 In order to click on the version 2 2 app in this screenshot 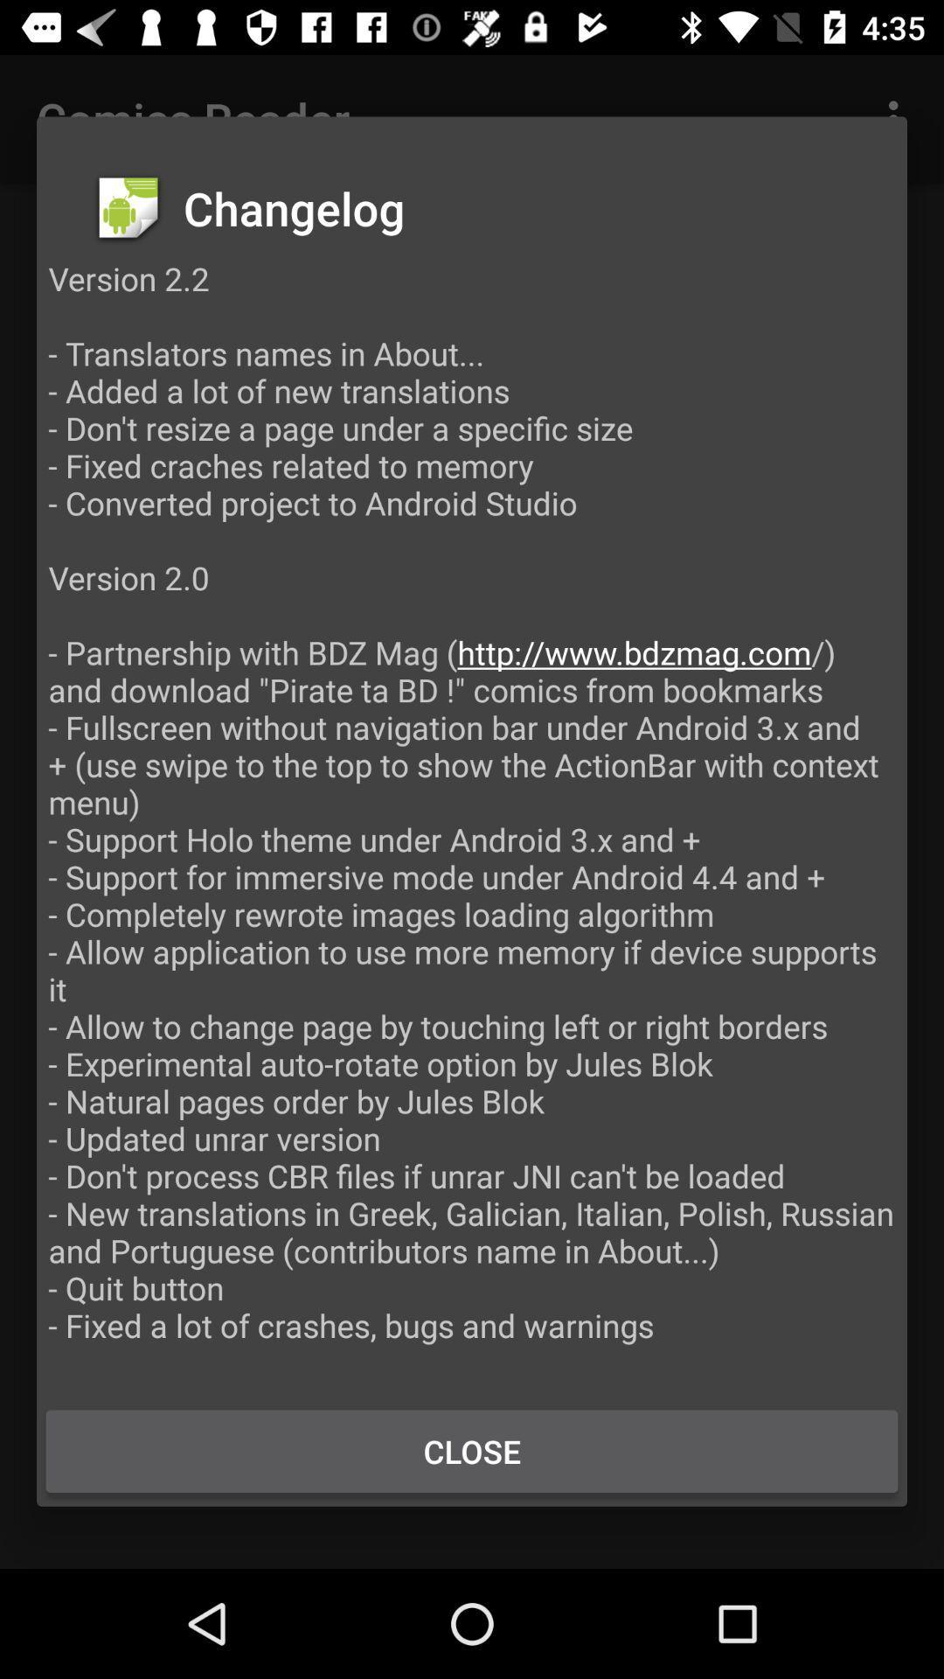, I will do `click(472, 819)`.